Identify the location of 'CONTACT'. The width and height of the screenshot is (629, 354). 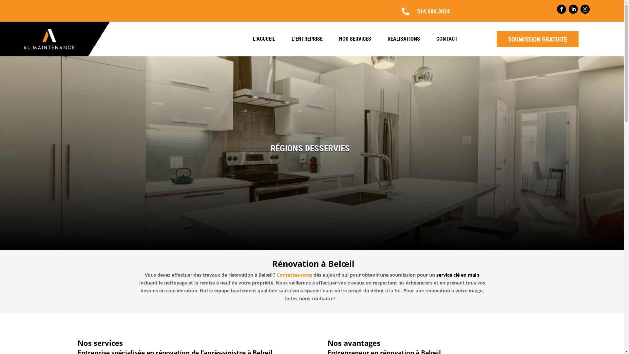
(436, 39).